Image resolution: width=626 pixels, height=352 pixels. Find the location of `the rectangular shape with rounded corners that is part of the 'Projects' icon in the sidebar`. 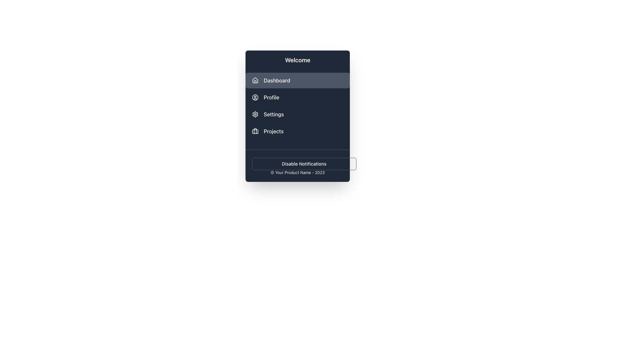

the rectangular shape with rounded corners that is part of the 'Projects' icon in the sidebar is located at coordinates (255, 131).